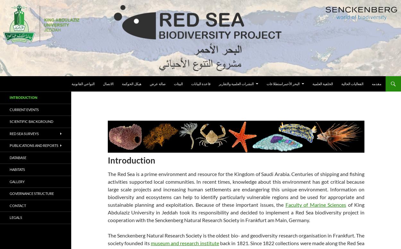 This screenshot has width=401, height=249. What do you see at coordinates (31, 121) in the screenshot?
I see `'Scientific Background'` at bounding box center [31, 121].